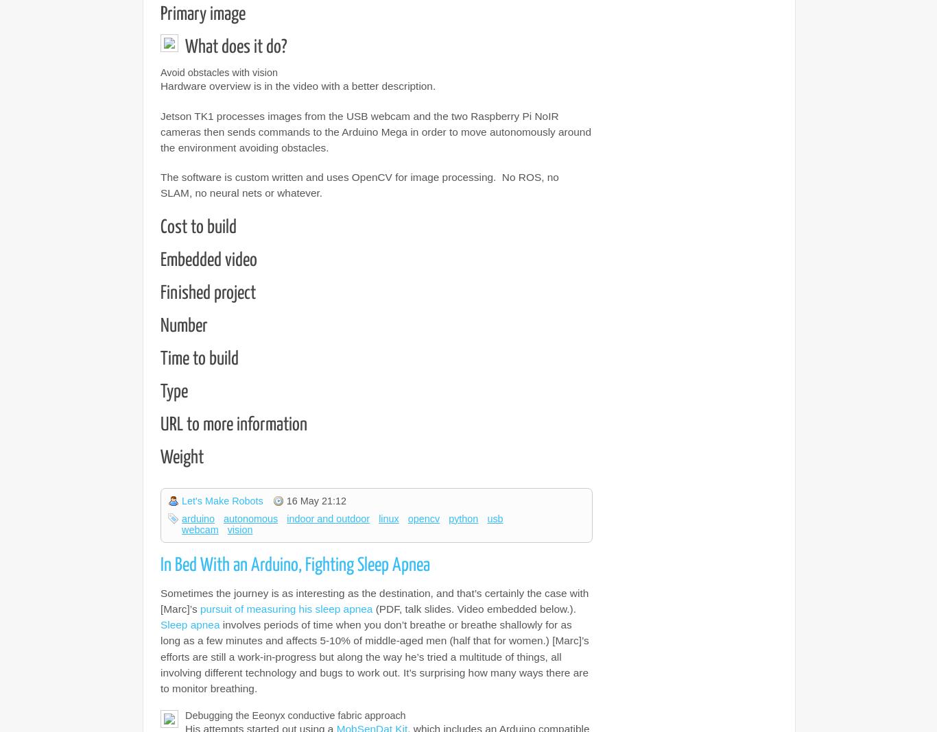 This screenshot has width=937, height=732. I want to click on 'What does it do?', so click(235, 47).